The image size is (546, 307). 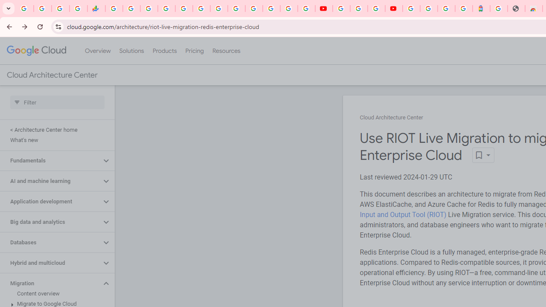 What do you see at coordinates (411, 9) in the screenshot?
I see `'Sign in - Google Accounts'` at bounding box center [411, 9].